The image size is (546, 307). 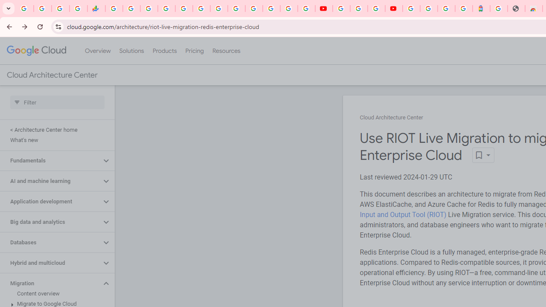 What do you see at coordinates (411, 9) in the screenshot?
I see `'Sign in - Google Accounts'` at bounding box center [411, 9].